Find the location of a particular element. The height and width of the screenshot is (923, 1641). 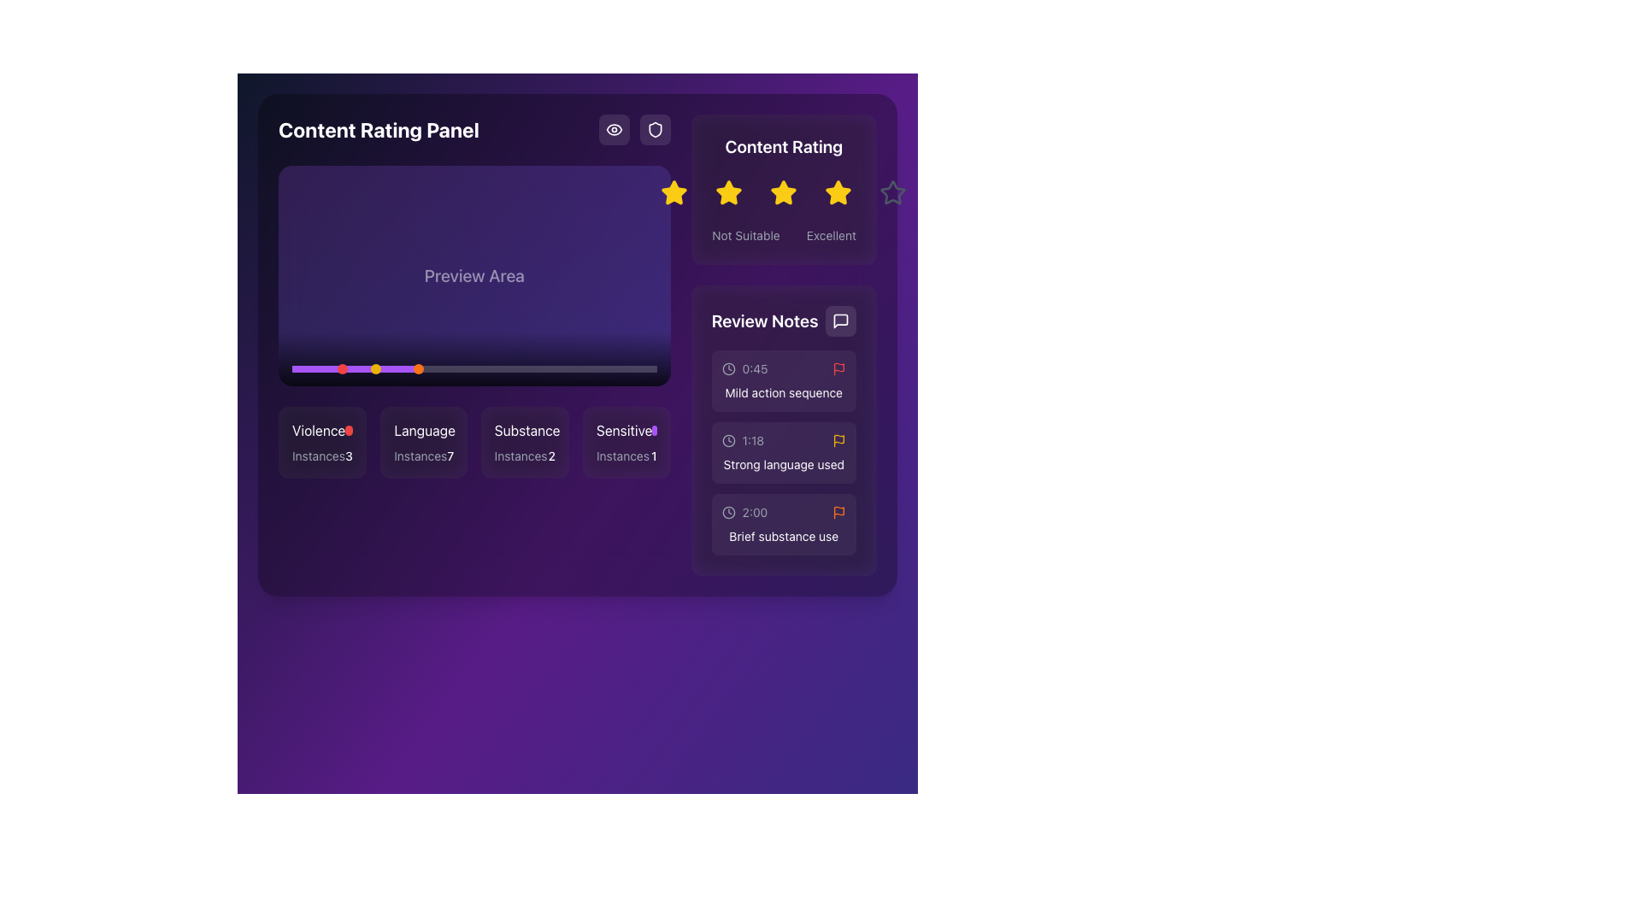

the bold text label that reads 'Content Rating Panel' is located at coordinates (378, 128).